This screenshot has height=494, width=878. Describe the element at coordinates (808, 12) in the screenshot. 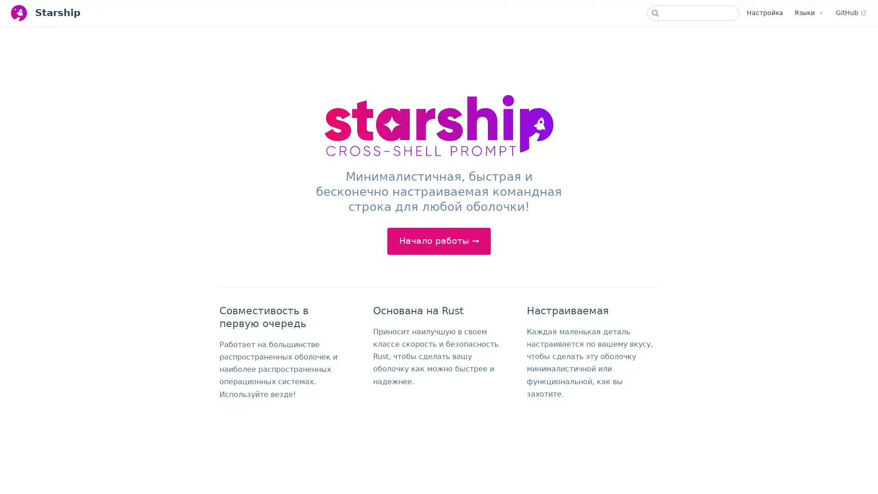

I see `Select language` at that location.